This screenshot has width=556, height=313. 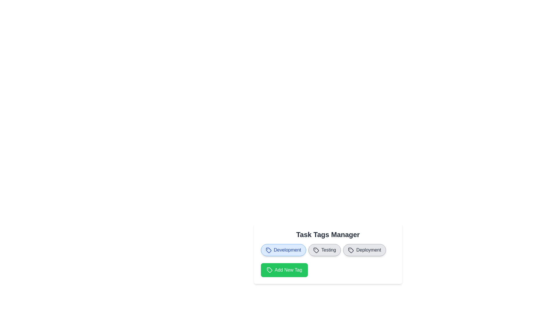 I want to click on the 'Testing' button, which is a rounded rectangular button with a light gray background and bold dark text, located between the 'Development' and 'Deployment' buttons in the 'Task Tags Manager' section, so click(x=328, y=253).